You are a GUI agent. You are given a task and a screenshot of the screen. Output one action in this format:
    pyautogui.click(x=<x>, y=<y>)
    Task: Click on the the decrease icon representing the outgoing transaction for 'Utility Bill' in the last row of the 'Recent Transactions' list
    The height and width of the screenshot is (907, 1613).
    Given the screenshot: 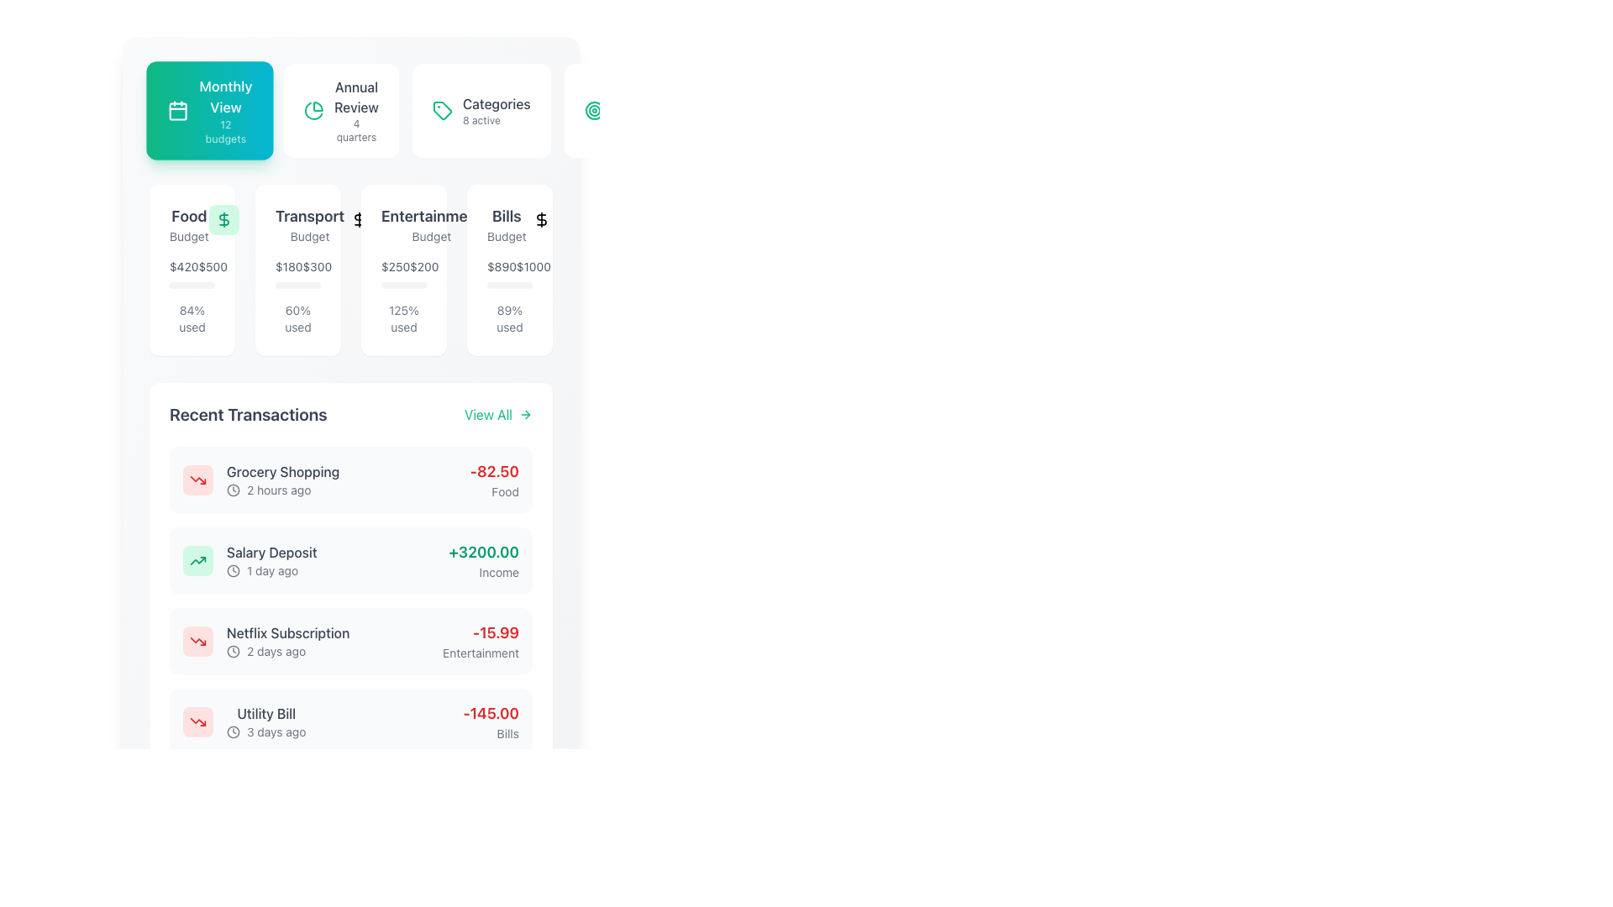 What is the action you would take?
    pyautogui.click(x=197, y=721)
    